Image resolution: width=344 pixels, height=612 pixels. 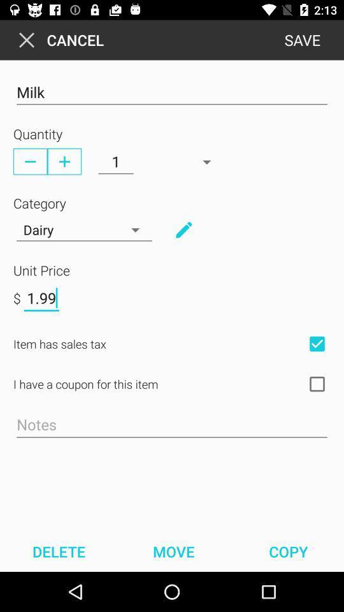 What do you see at coordinates (64, 161) in the screenshot?
I see `plus` at bounding box center [64, 161].